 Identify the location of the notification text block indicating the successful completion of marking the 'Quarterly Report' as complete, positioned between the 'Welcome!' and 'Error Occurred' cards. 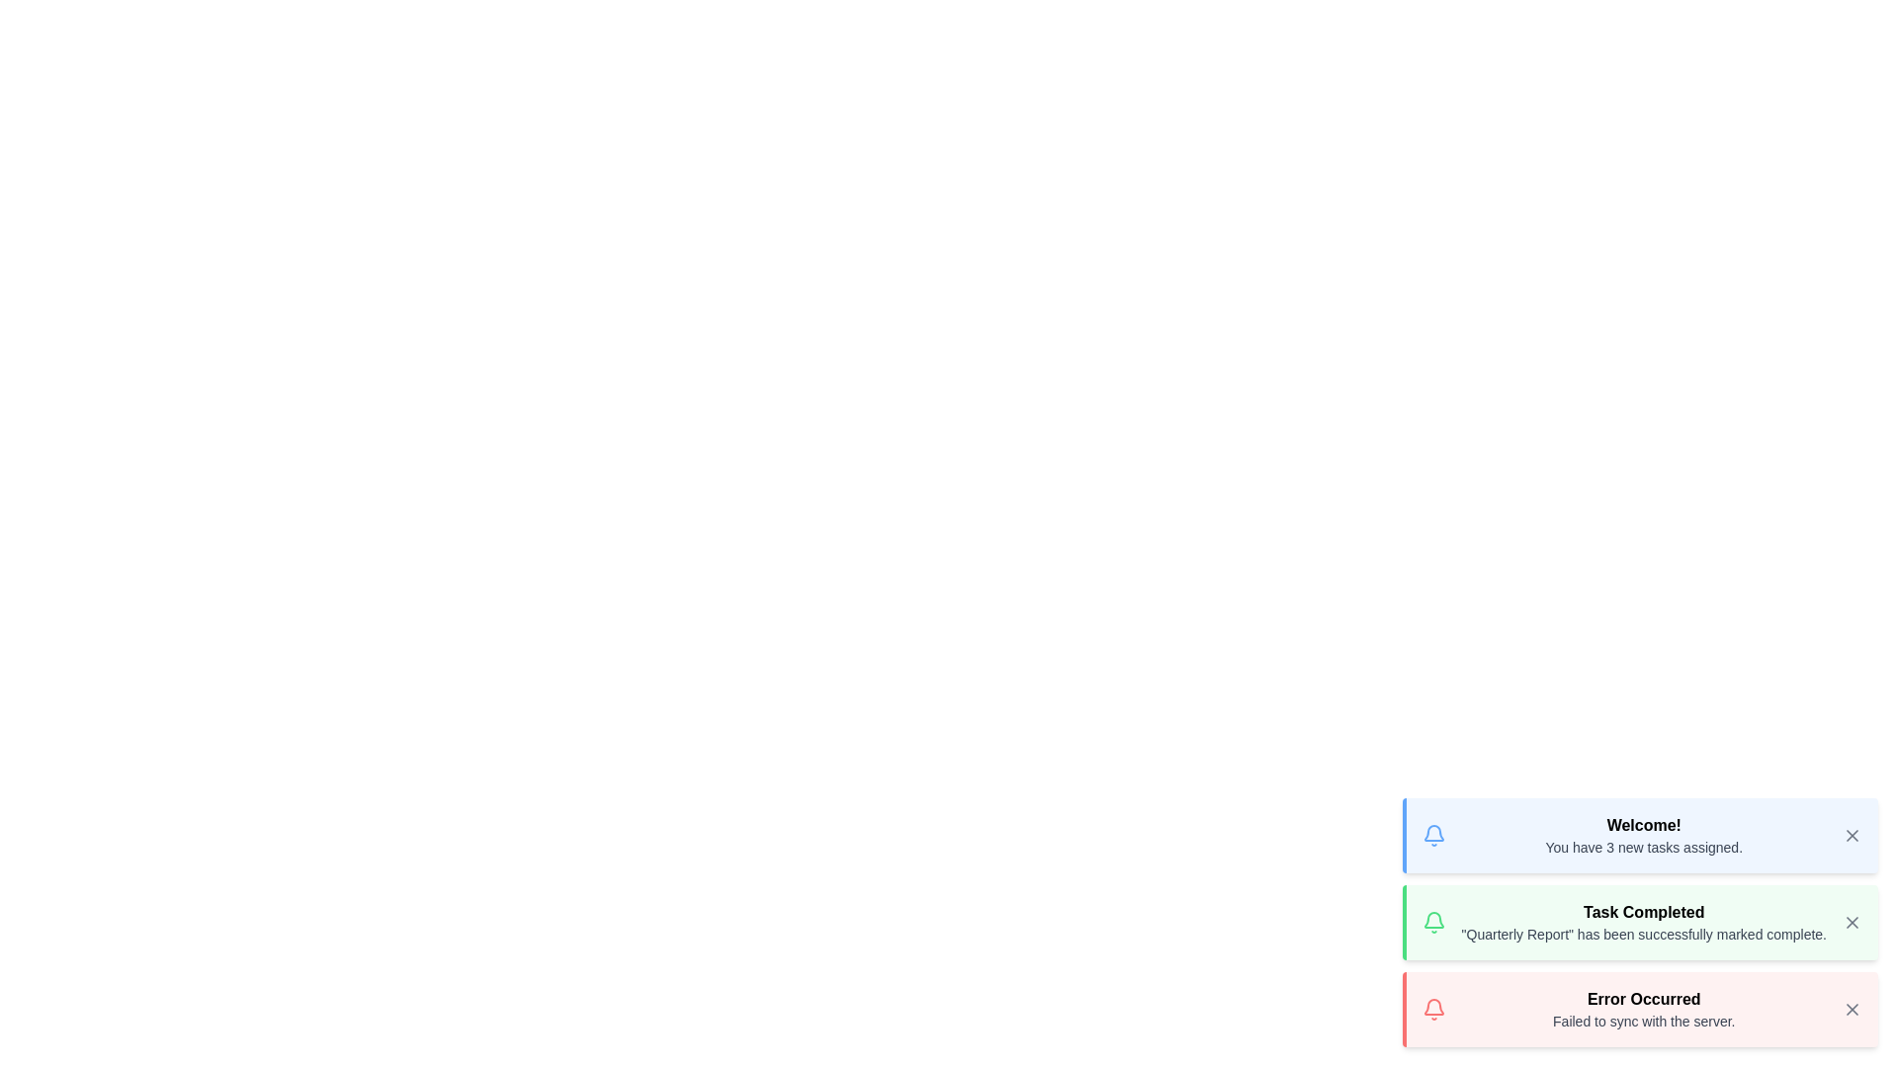
(1644, 922).